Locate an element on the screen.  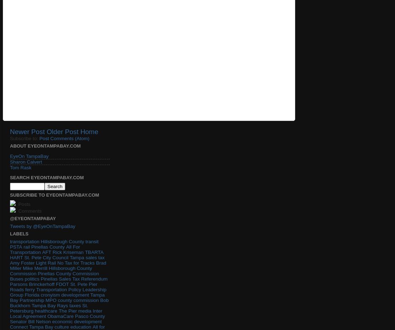
'Transportation Policy Leadership Group' is located at coordinates (57, 292).